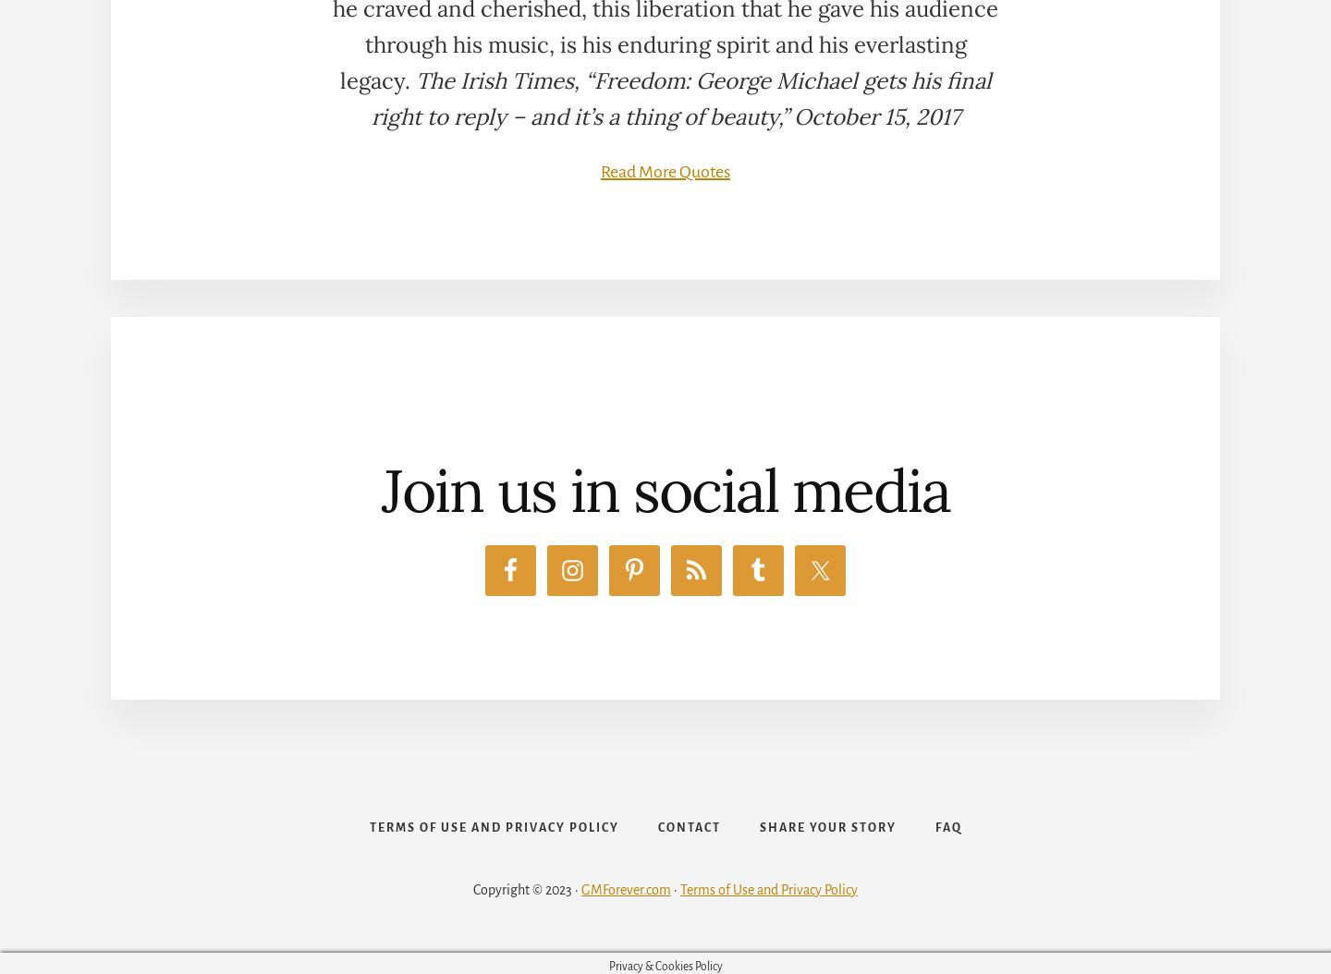 The width and height of the screenshot is (1331, 974). I want to click on 'Contact', so click(688, 826).